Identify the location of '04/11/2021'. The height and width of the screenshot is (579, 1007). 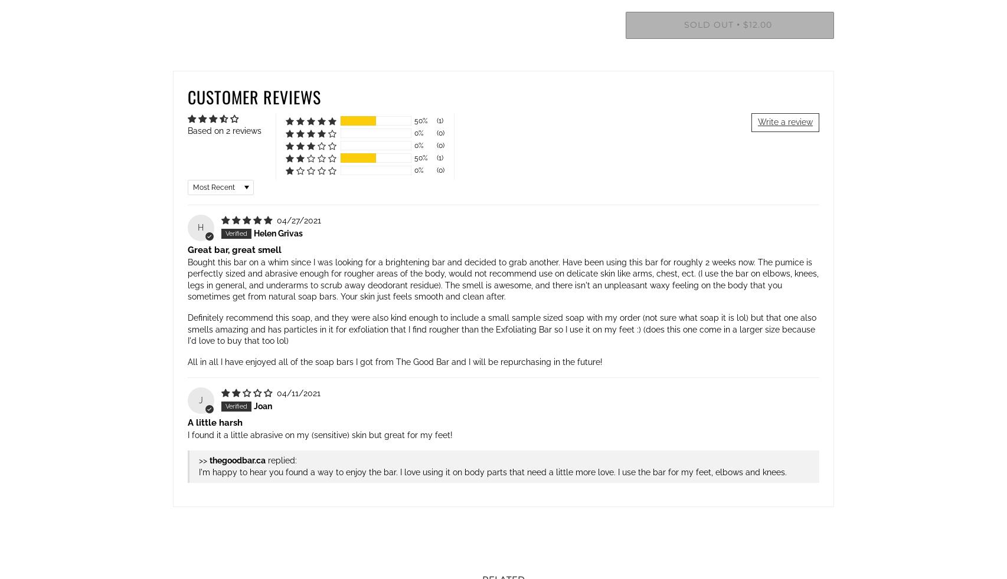
(297, 392).